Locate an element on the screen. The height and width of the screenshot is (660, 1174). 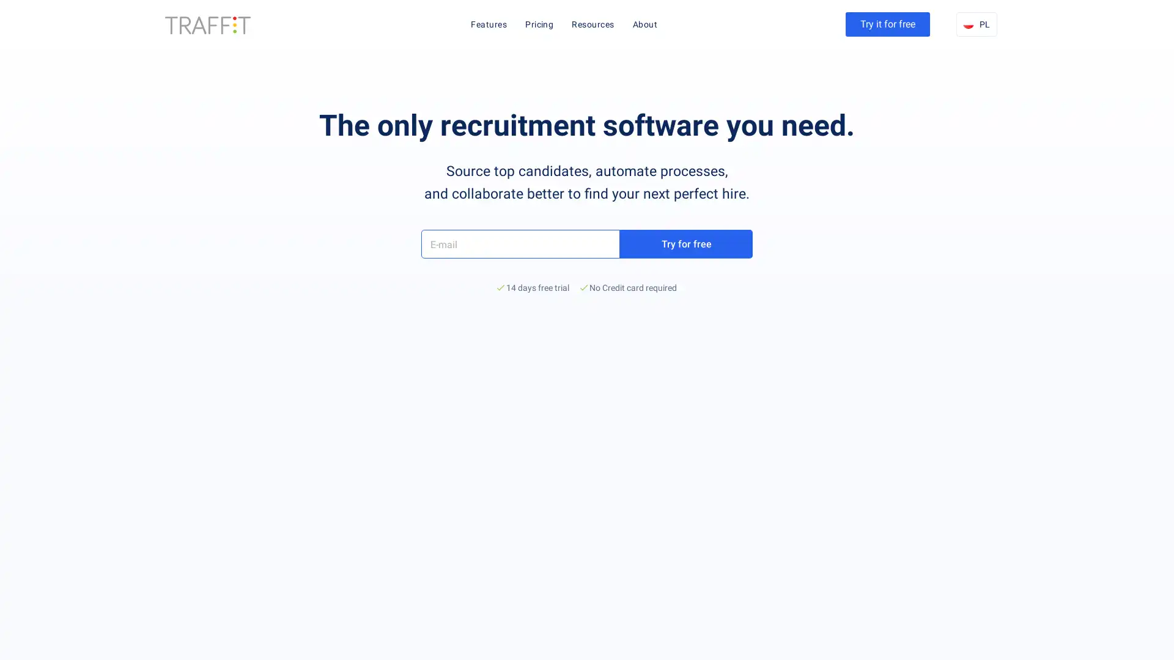
Try for free is located at coordinates (686, 244).